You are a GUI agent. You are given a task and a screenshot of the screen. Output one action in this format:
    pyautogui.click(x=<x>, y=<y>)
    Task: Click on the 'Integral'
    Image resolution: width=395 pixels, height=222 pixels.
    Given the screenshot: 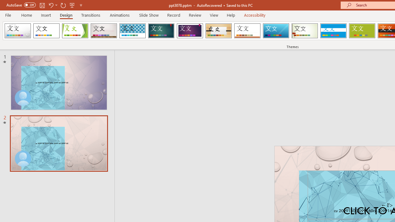 What is the action you would take?
    pyautogui.click(x=132, y=31)
    